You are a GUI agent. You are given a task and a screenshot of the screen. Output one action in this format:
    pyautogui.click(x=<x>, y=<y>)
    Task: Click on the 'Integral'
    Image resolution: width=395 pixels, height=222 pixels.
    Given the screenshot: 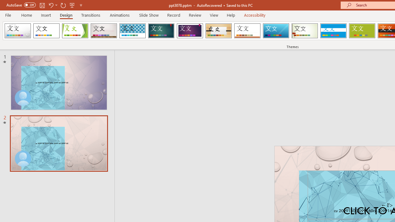 What is the action you would take?
    pyautogui.click(x=132, y=31)
    